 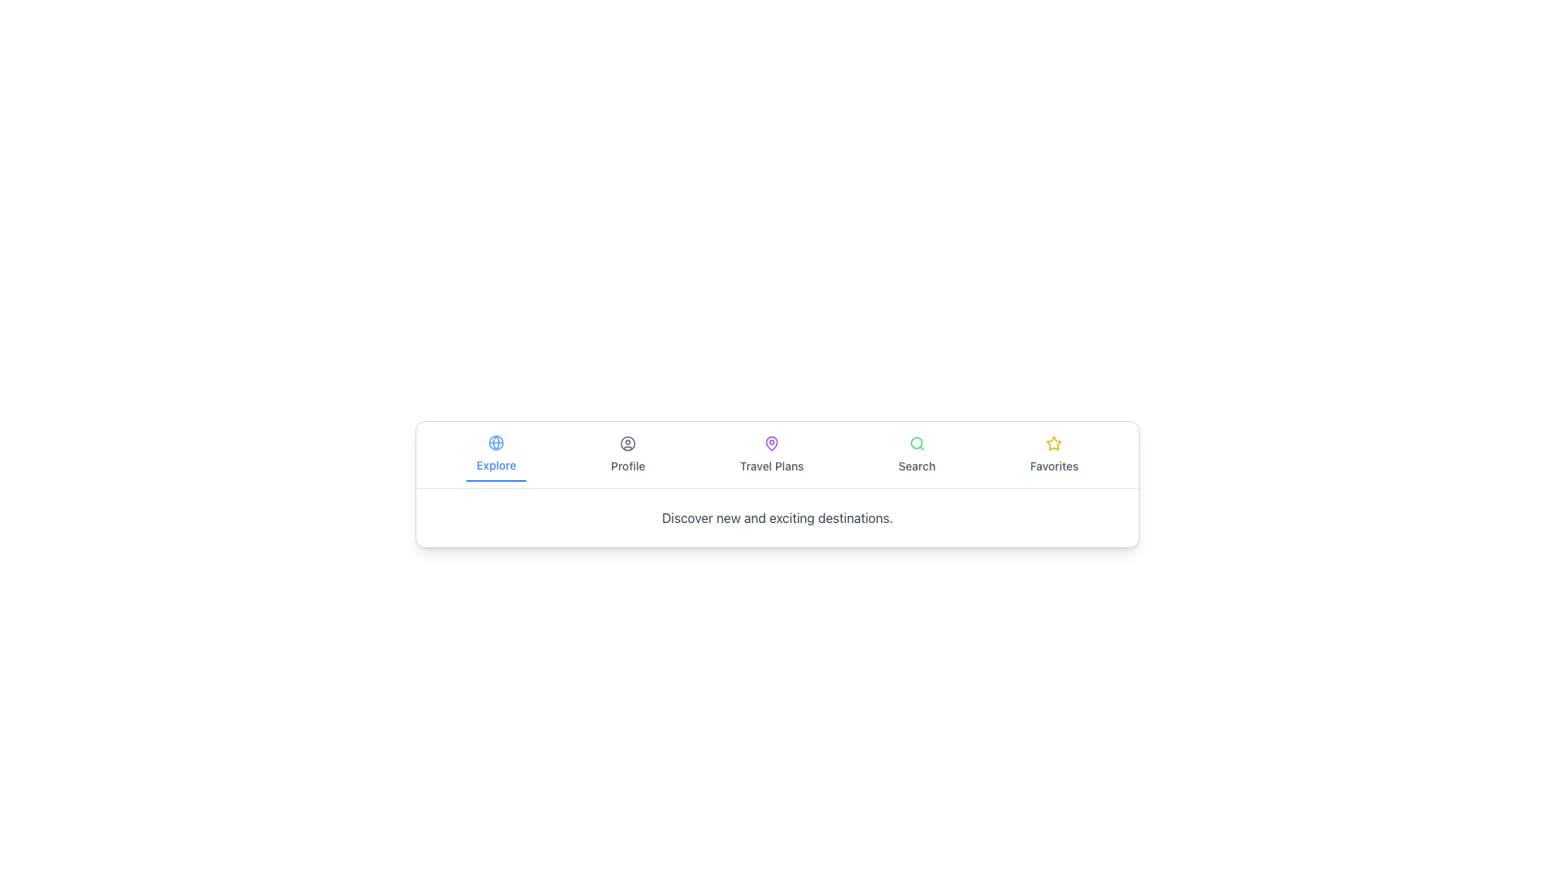 What do you see at coordinates (496, 455) in the screenshot?
I see `the 'Explore' Navigation Button` at bounding box center [496, 455].